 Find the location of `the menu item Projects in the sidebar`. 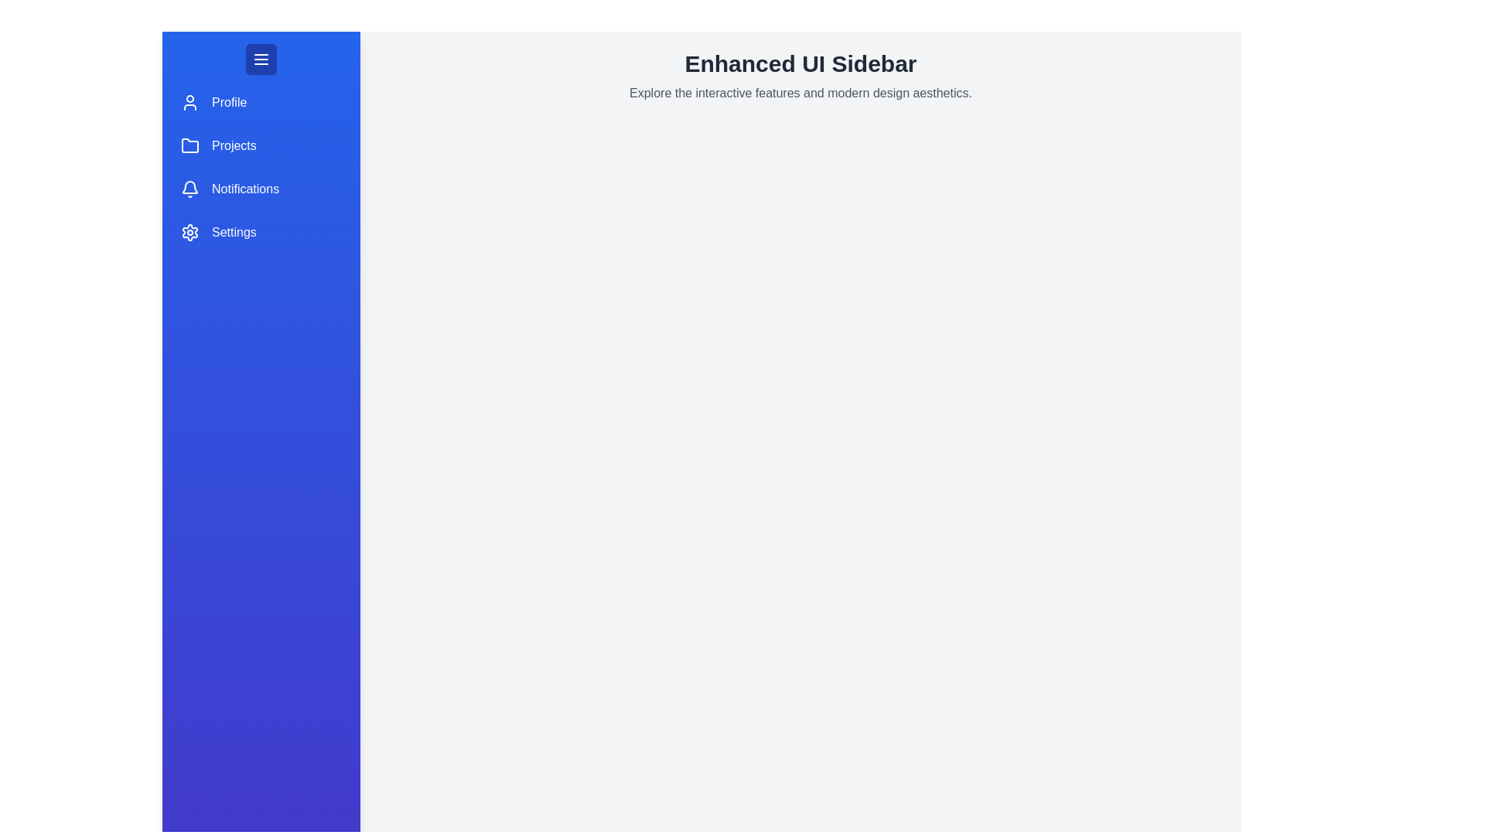

the menu item Projects in the sidebar is located at coordinates (261, 146).